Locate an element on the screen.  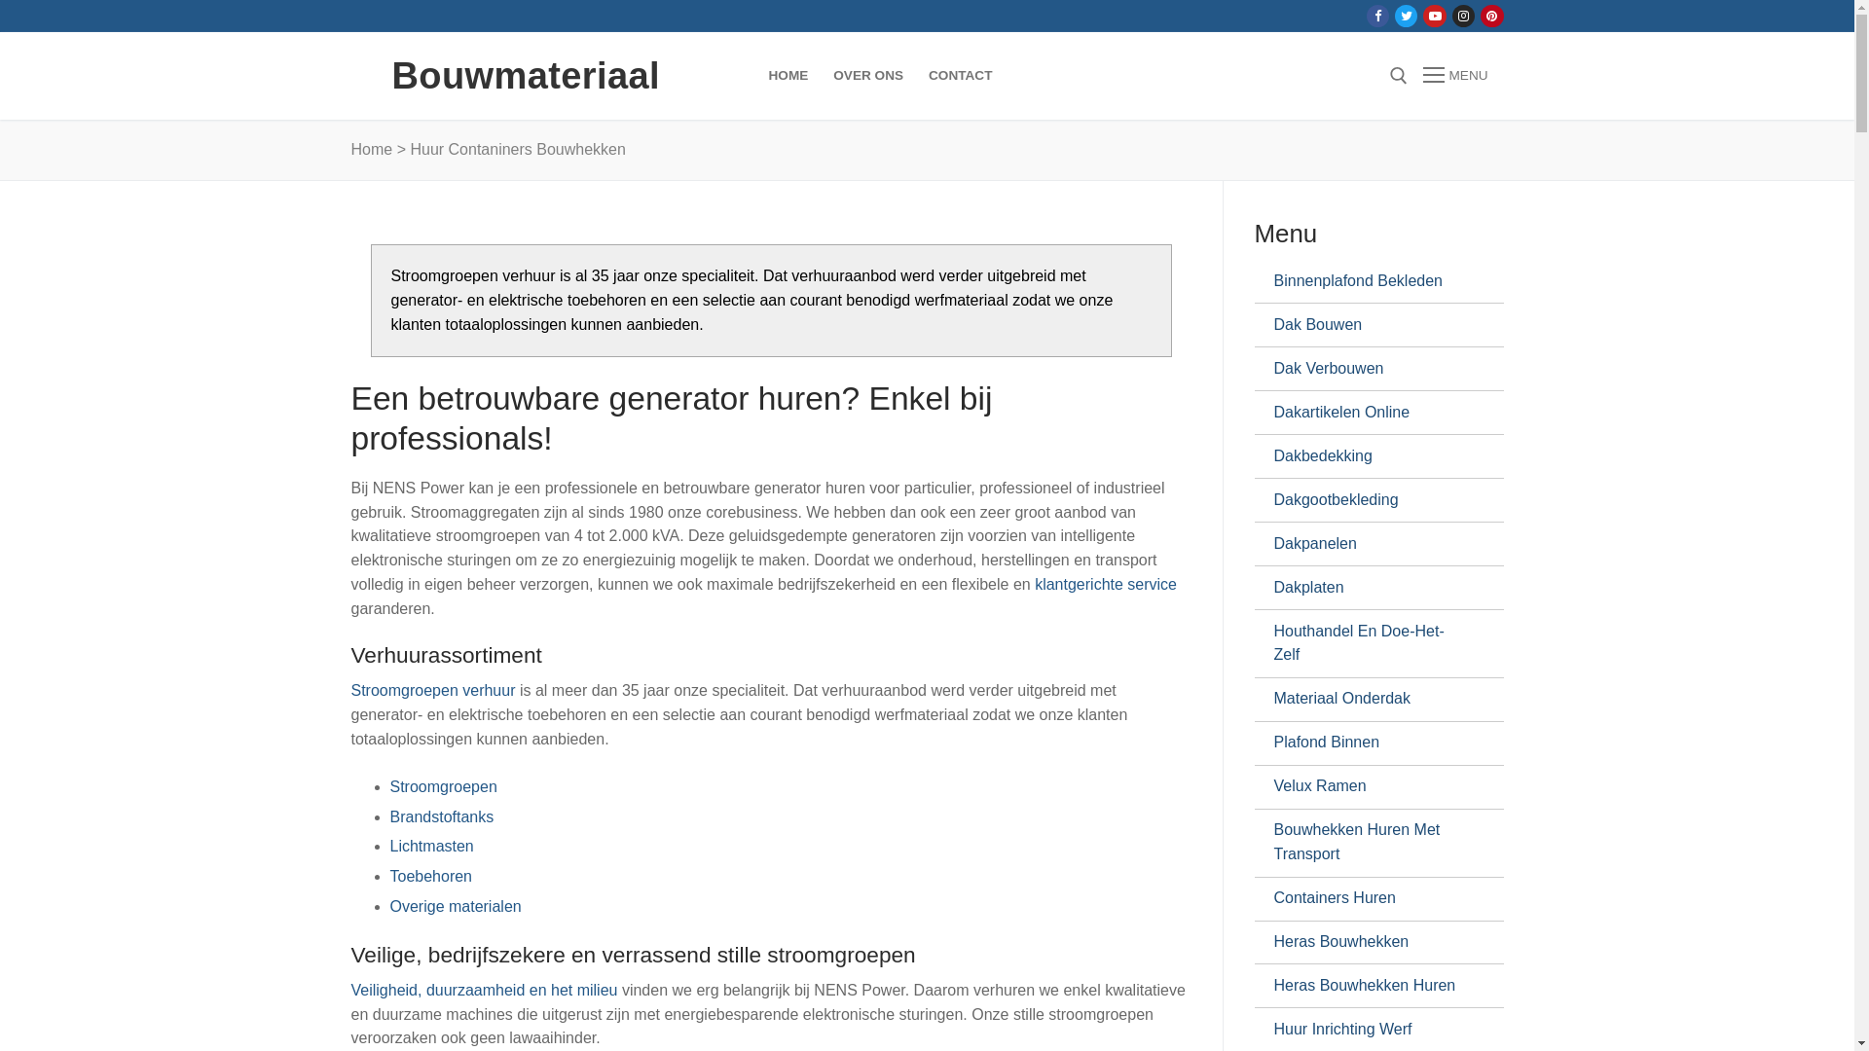
'Youtube' is located at coordinates (1429, 16).